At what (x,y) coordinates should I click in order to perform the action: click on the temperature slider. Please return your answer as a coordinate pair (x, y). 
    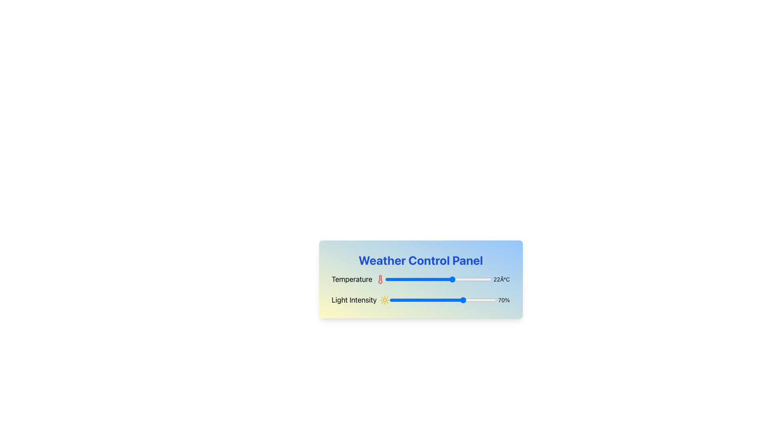
    Looking at the image, I should click on (398, 279).